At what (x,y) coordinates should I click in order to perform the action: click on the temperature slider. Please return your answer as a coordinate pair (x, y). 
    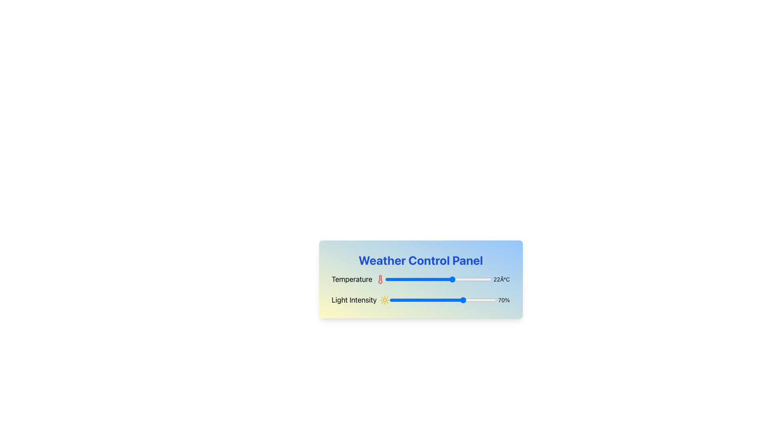
    Looking at the image, I should click on (398, 279).